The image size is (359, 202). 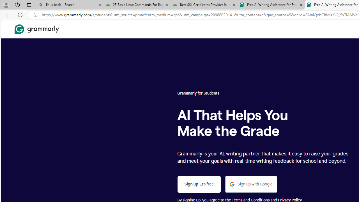 I want to click on 'Grammarly Home', so click(x=36, y=29).